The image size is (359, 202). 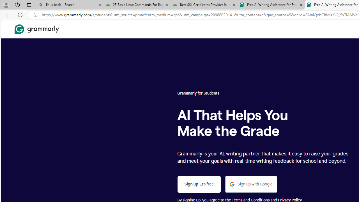 I want to click on 'Grammarly Home', so click(x=36, y=29).